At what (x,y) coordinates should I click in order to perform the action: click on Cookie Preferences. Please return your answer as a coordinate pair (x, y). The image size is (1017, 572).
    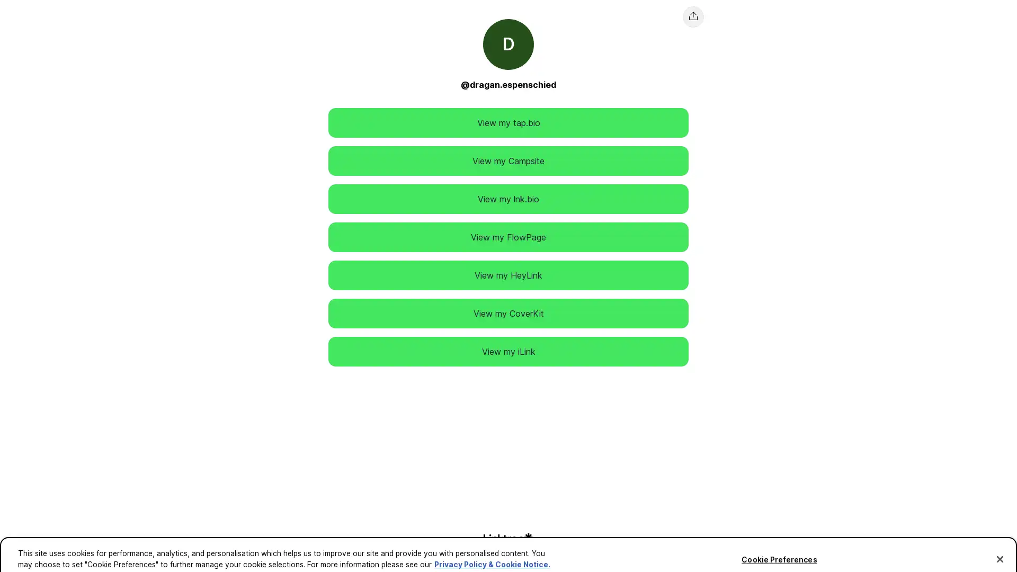
    Looking at the image, I should click on (779, 548).